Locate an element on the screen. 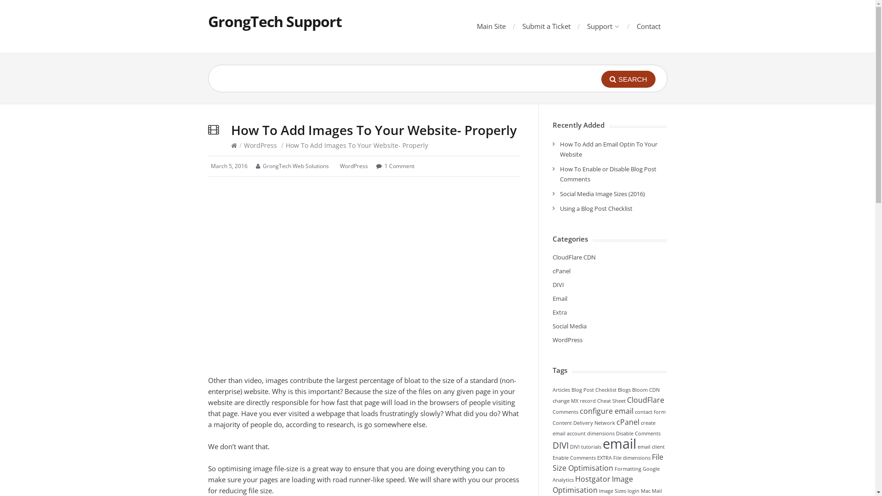  'change MX record' is located at coordinates (573, 400).